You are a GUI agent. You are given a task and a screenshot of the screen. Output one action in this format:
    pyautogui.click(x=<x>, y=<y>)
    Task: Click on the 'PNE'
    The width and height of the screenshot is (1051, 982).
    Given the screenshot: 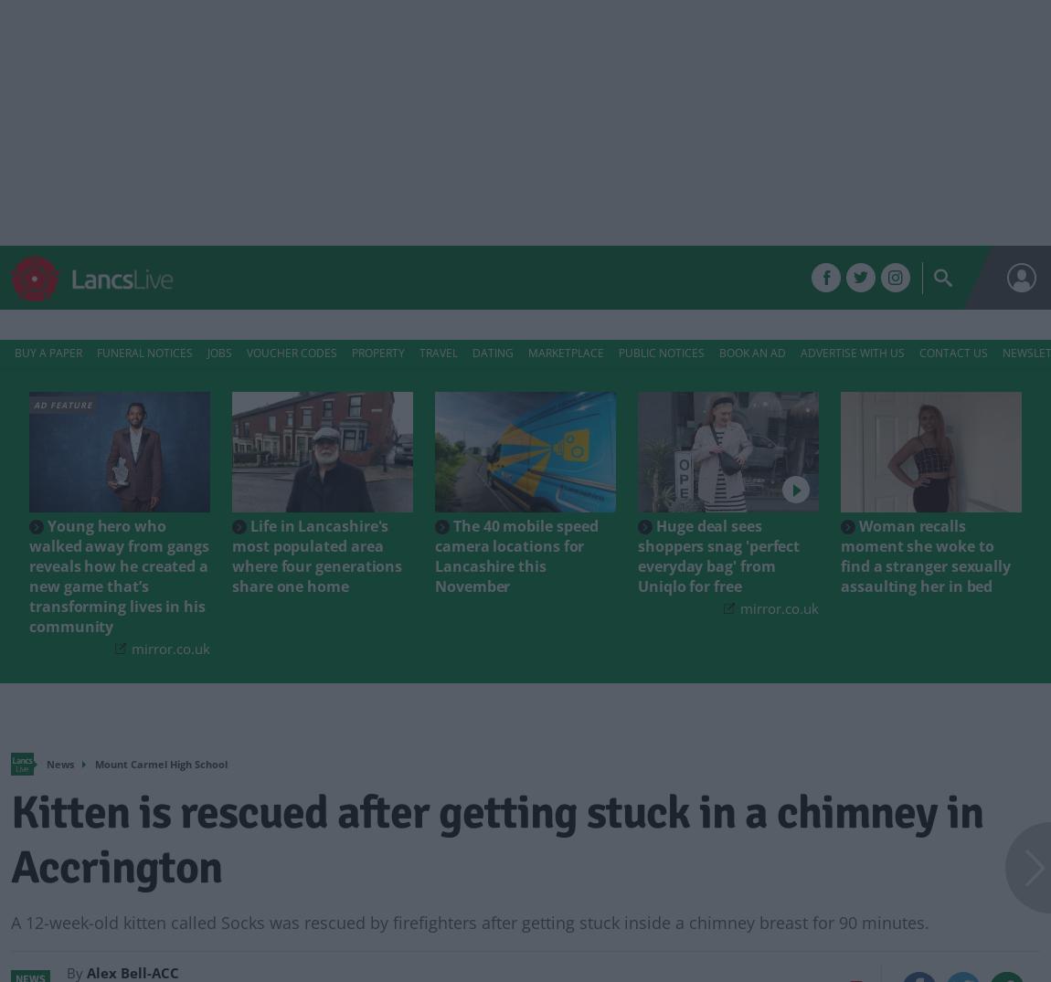 What is the action you would take?
    pyautogui.click(x=588, y=277)
    